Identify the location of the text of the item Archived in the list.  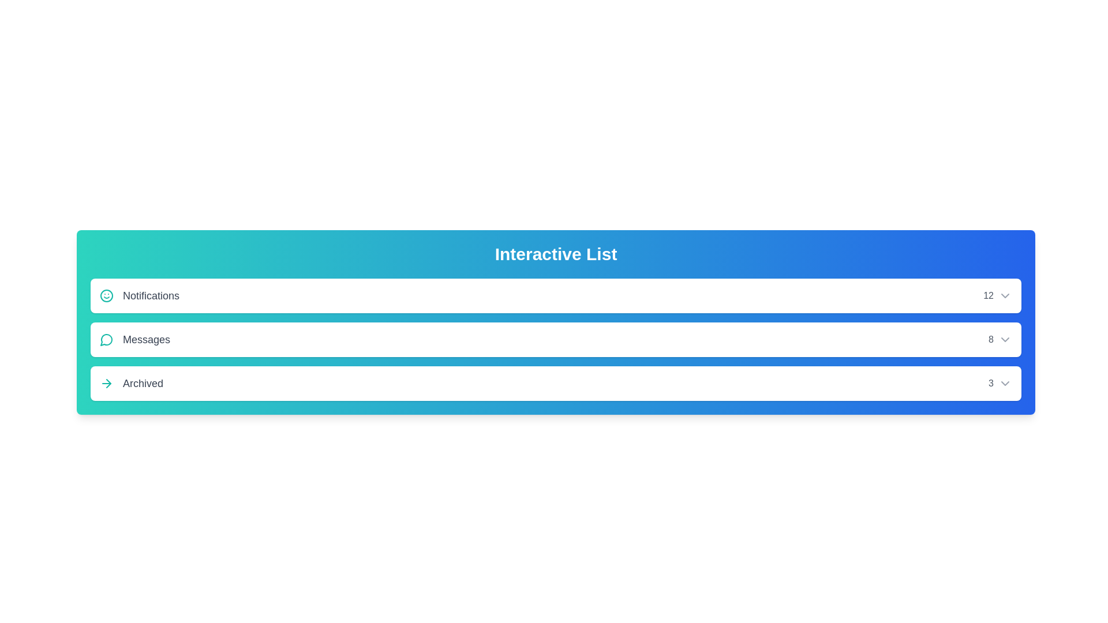
(131, 383).